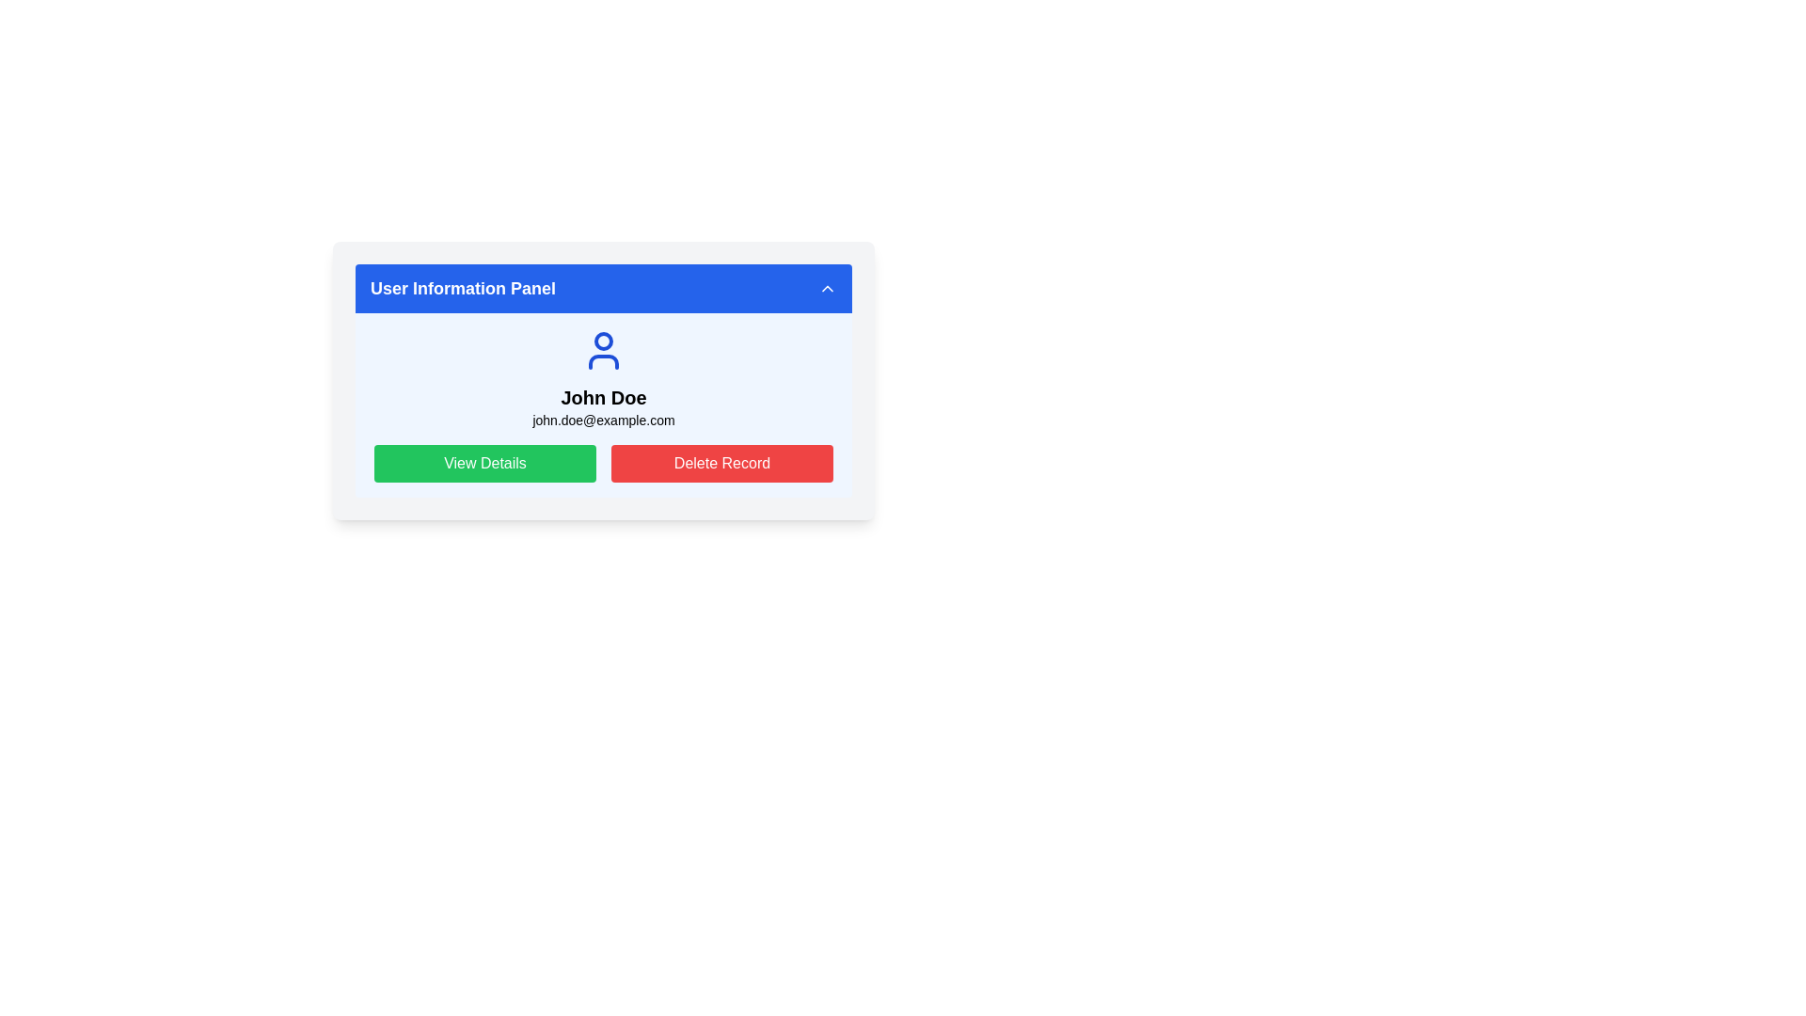  I want to click on the user profile icon, which is prominently displayed at the center of the user information panel, above the text 'John Doe' and 'john.doe@example.com', so click(604, 351).